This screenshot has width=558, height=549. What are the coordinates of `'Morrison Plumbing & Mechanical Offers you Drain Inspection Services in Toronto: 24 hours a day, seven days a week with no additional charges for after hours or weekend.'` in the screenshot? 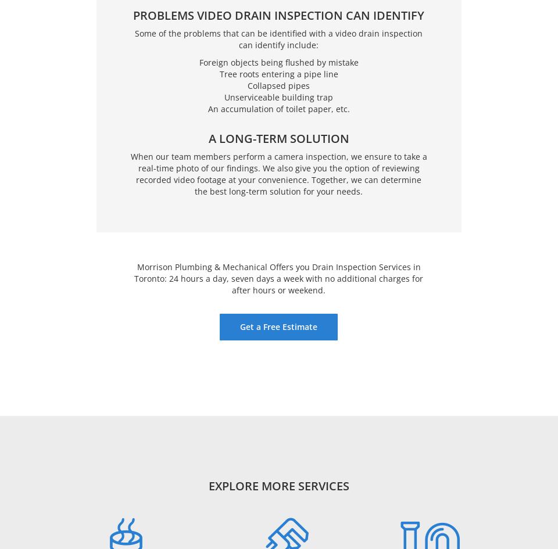 It's located at (278, 277).